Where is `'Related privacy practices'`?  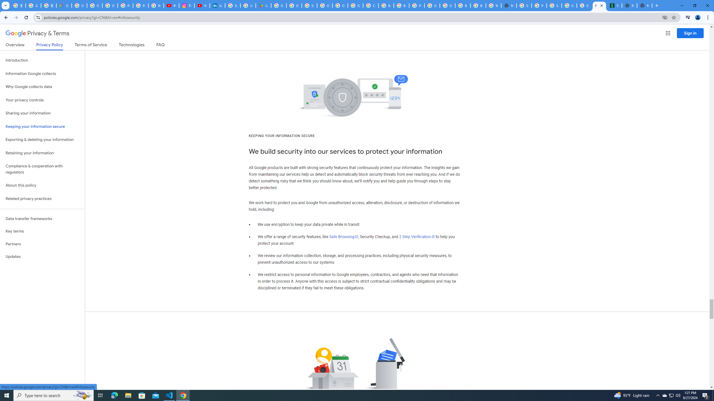
'Related privacy practices' is located at coordinates (42, 198).